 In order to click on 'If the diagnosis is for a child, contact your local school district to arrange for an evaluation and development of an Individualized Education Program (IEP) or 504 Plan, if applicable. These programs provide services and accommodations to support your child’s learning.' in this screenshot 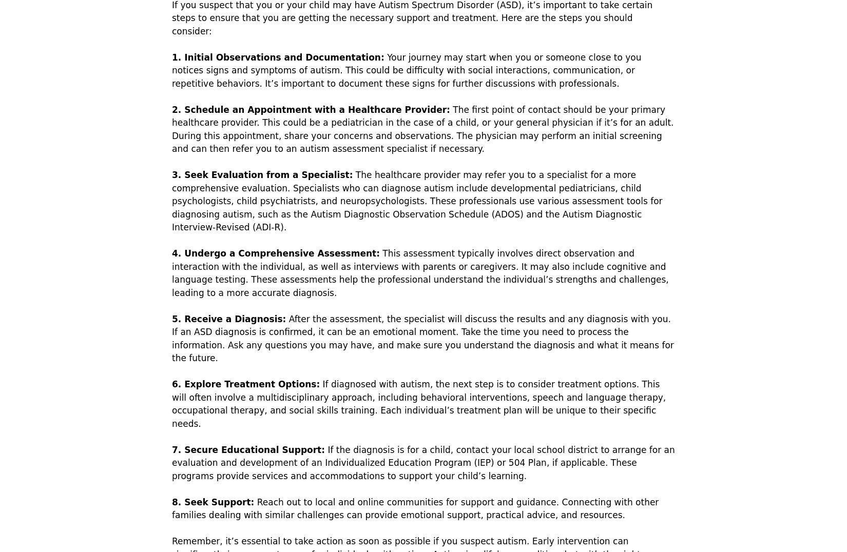, I will do `click(422, 462)`.